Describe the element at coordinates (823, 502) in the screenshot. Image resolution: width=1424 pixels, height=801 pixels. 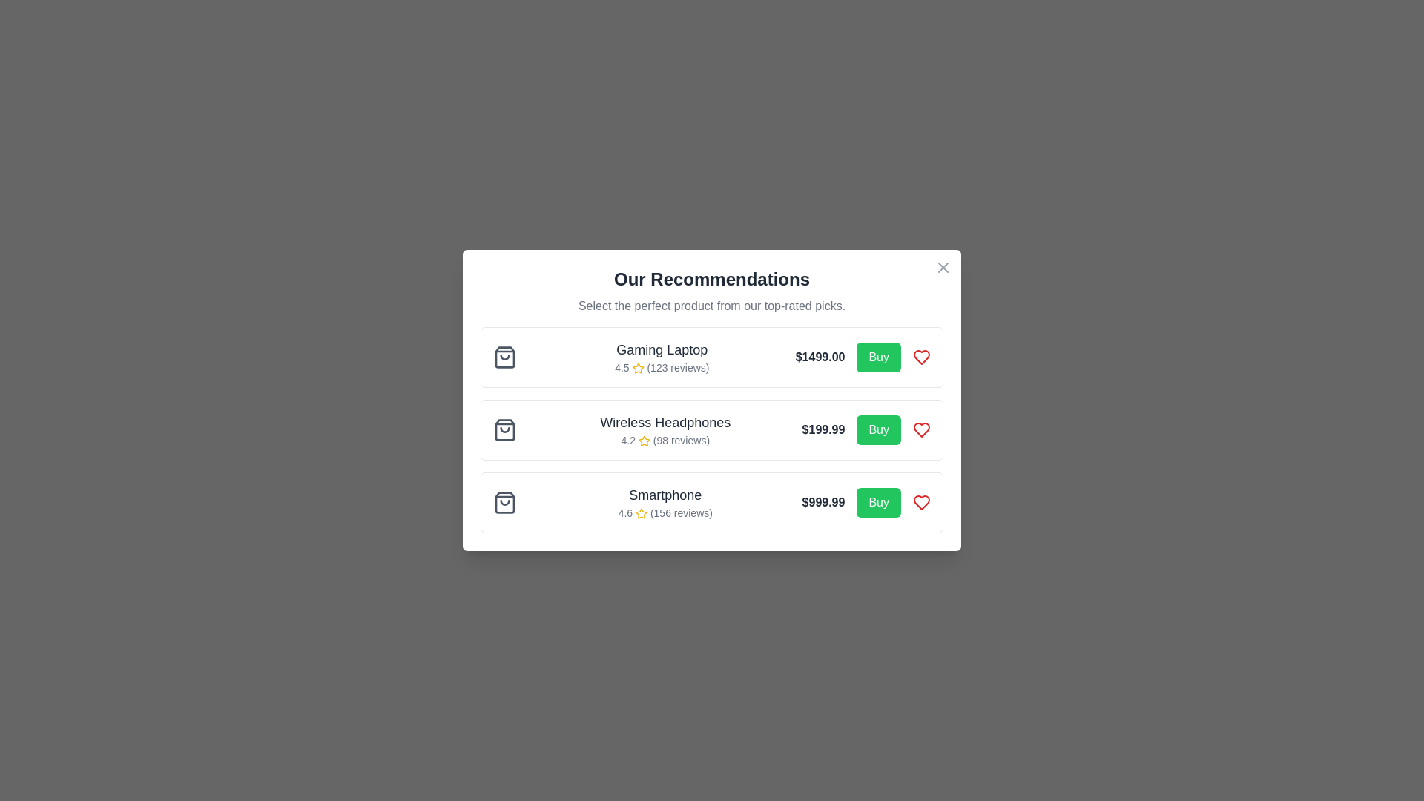
I see `the price Text Label for the 'Smartphone' product` at that location.